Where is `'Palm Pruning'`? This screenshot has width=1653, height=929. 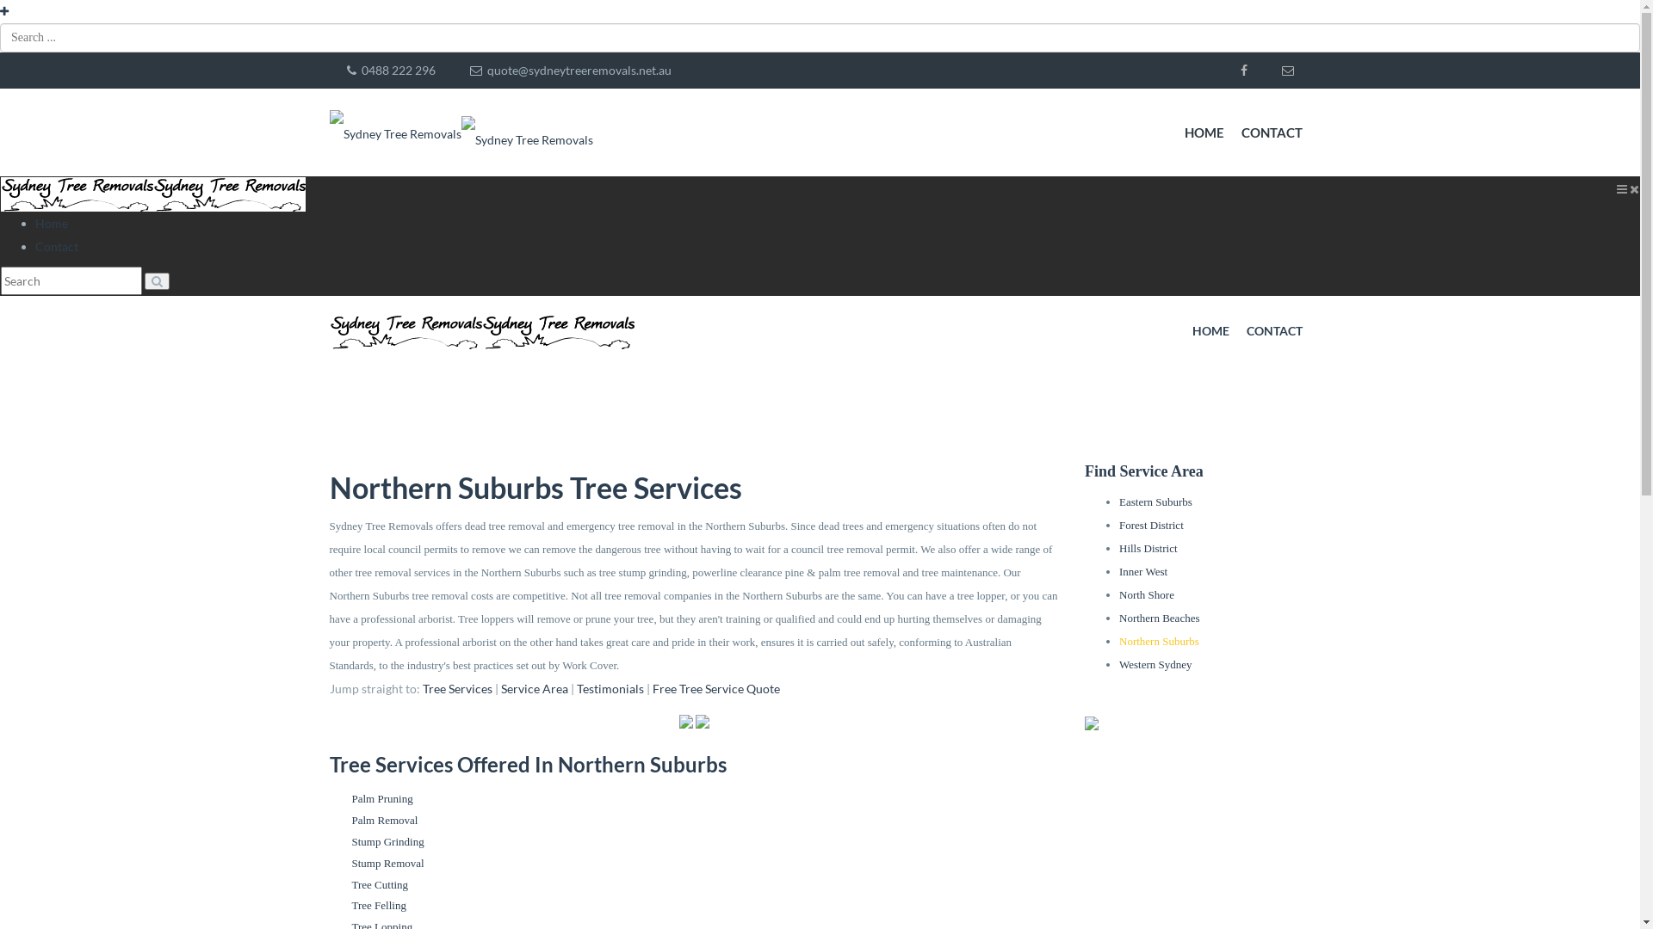 'Palm Pruning' is located at coordinates (381, 798).